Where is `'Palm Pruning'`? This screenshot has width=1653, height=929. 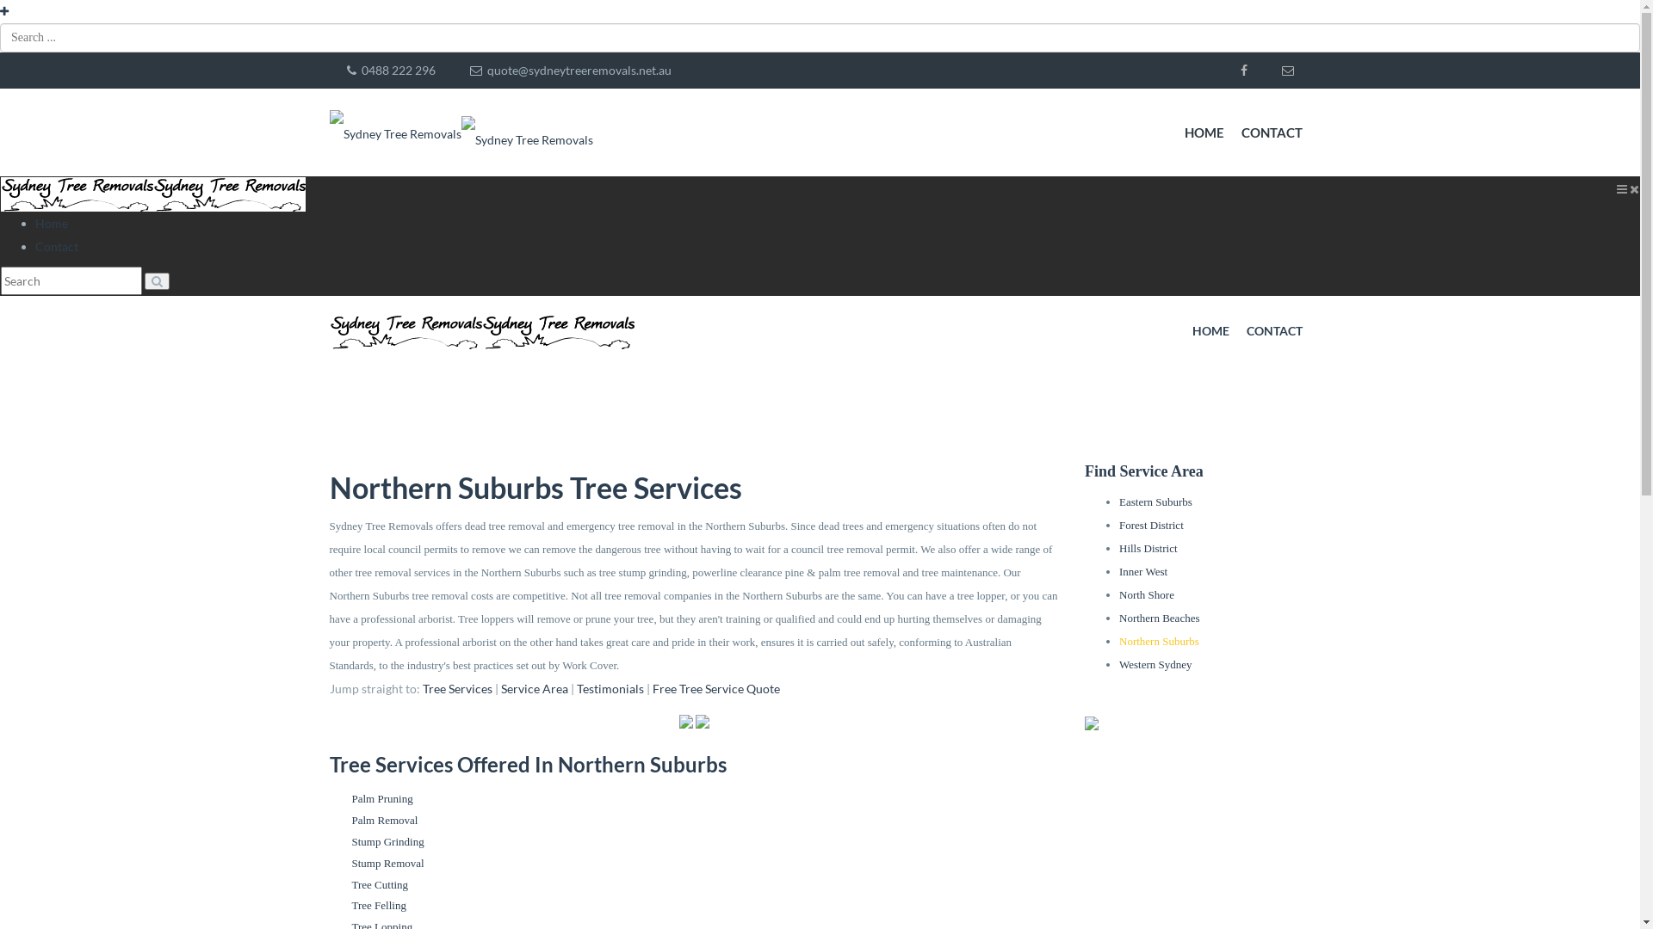 'Palm Pruning' is located at coordinates (381, 798).